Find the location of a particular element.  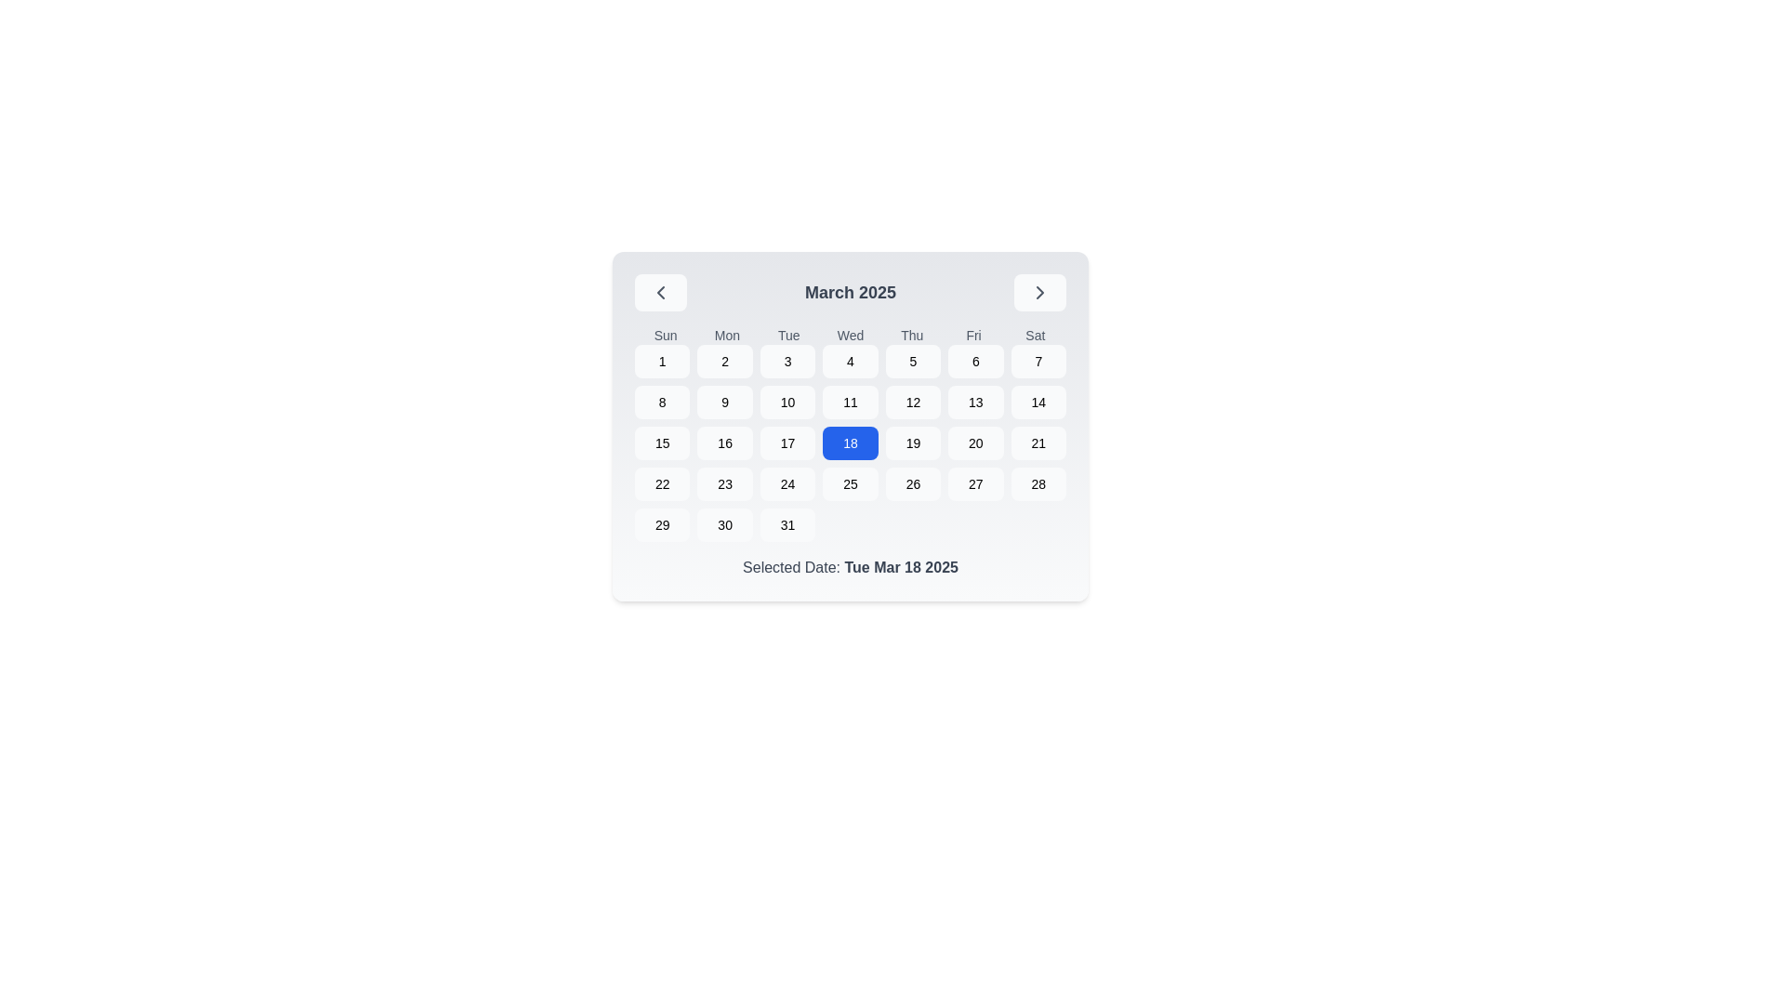

the calendar day button displaying the number '30', which is a square button with a light gray background and rounded corners, located in the sixth column of the last row in the calendar grid is located at coordinates (724, 524).